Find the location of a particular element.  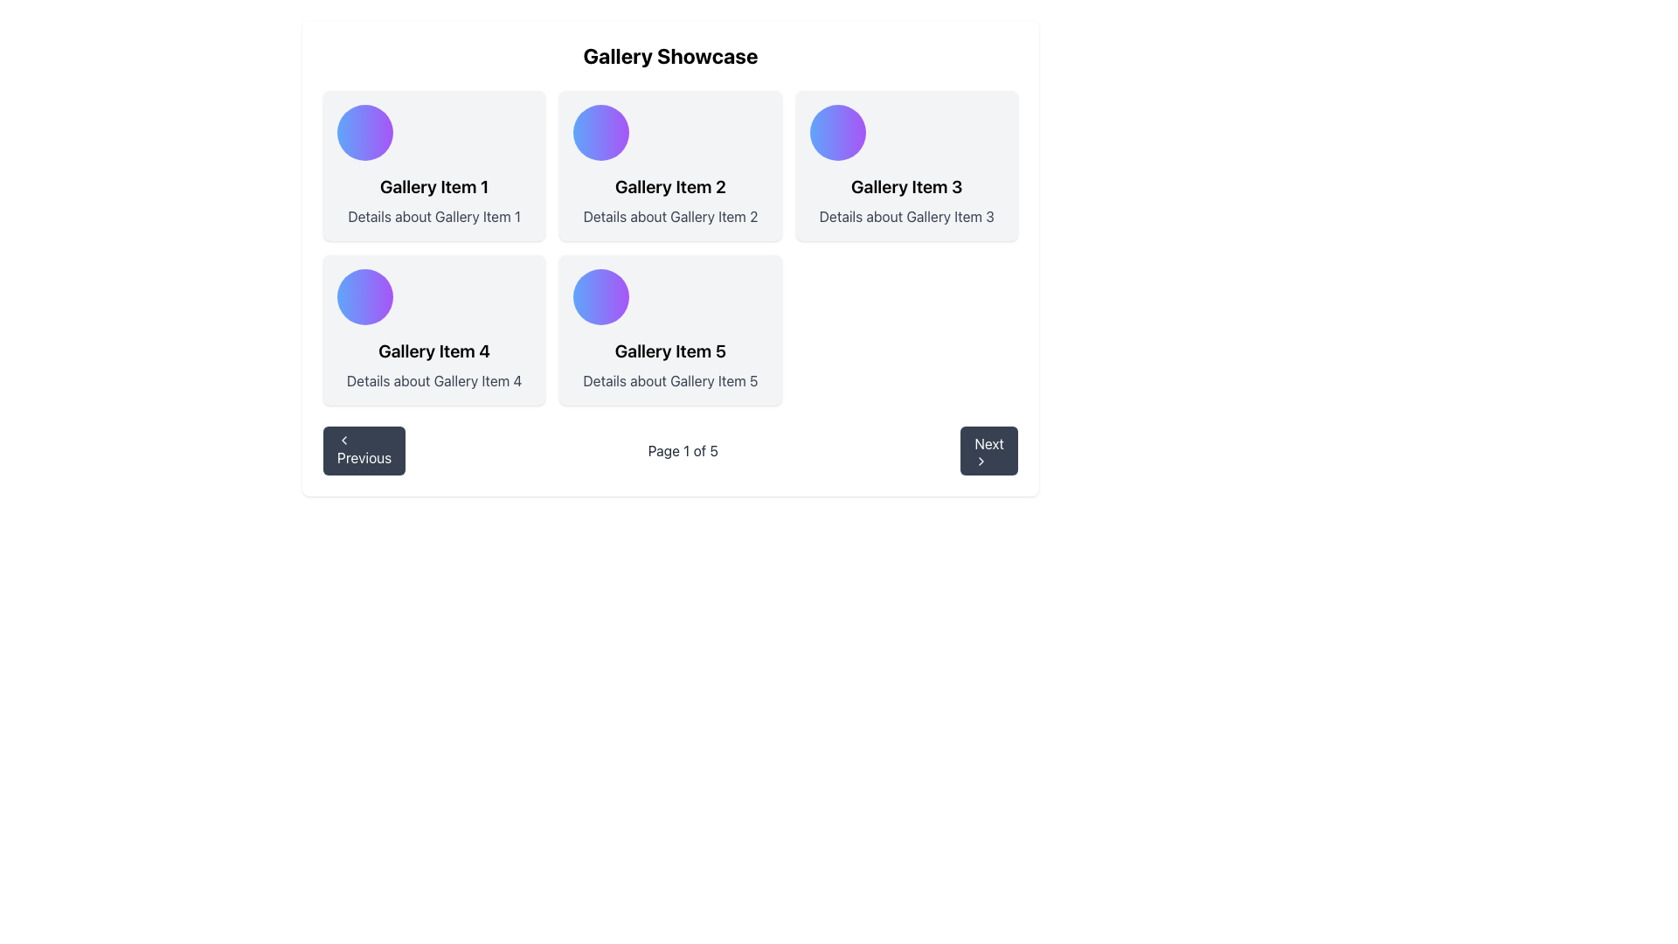

the leftward-pointing chevron icon inside the 'Previous' button, which has a dark background and white text is located at coordinates (343, 440).